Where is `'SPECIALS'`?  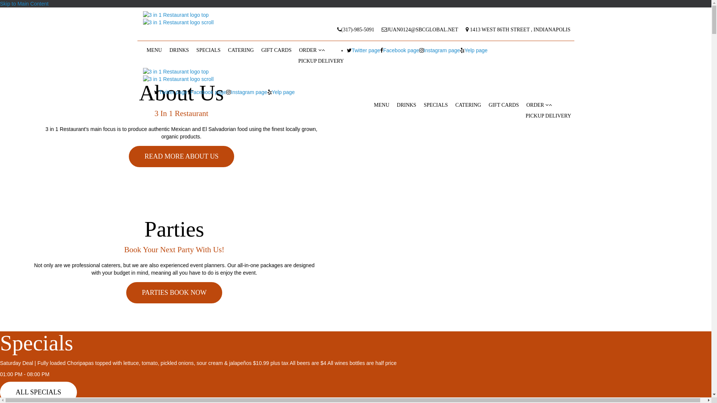 'SPECIALS' is located at coordinates (192, 50).